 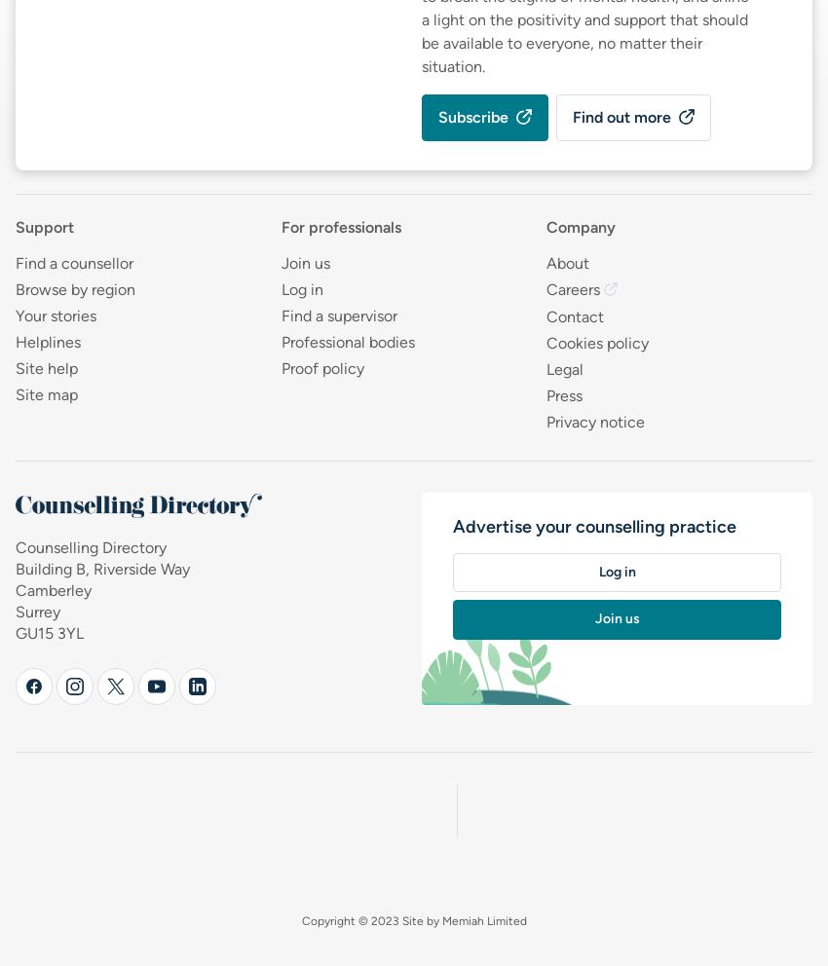 I want to click on 'Contact', so click(x=575, y=316).